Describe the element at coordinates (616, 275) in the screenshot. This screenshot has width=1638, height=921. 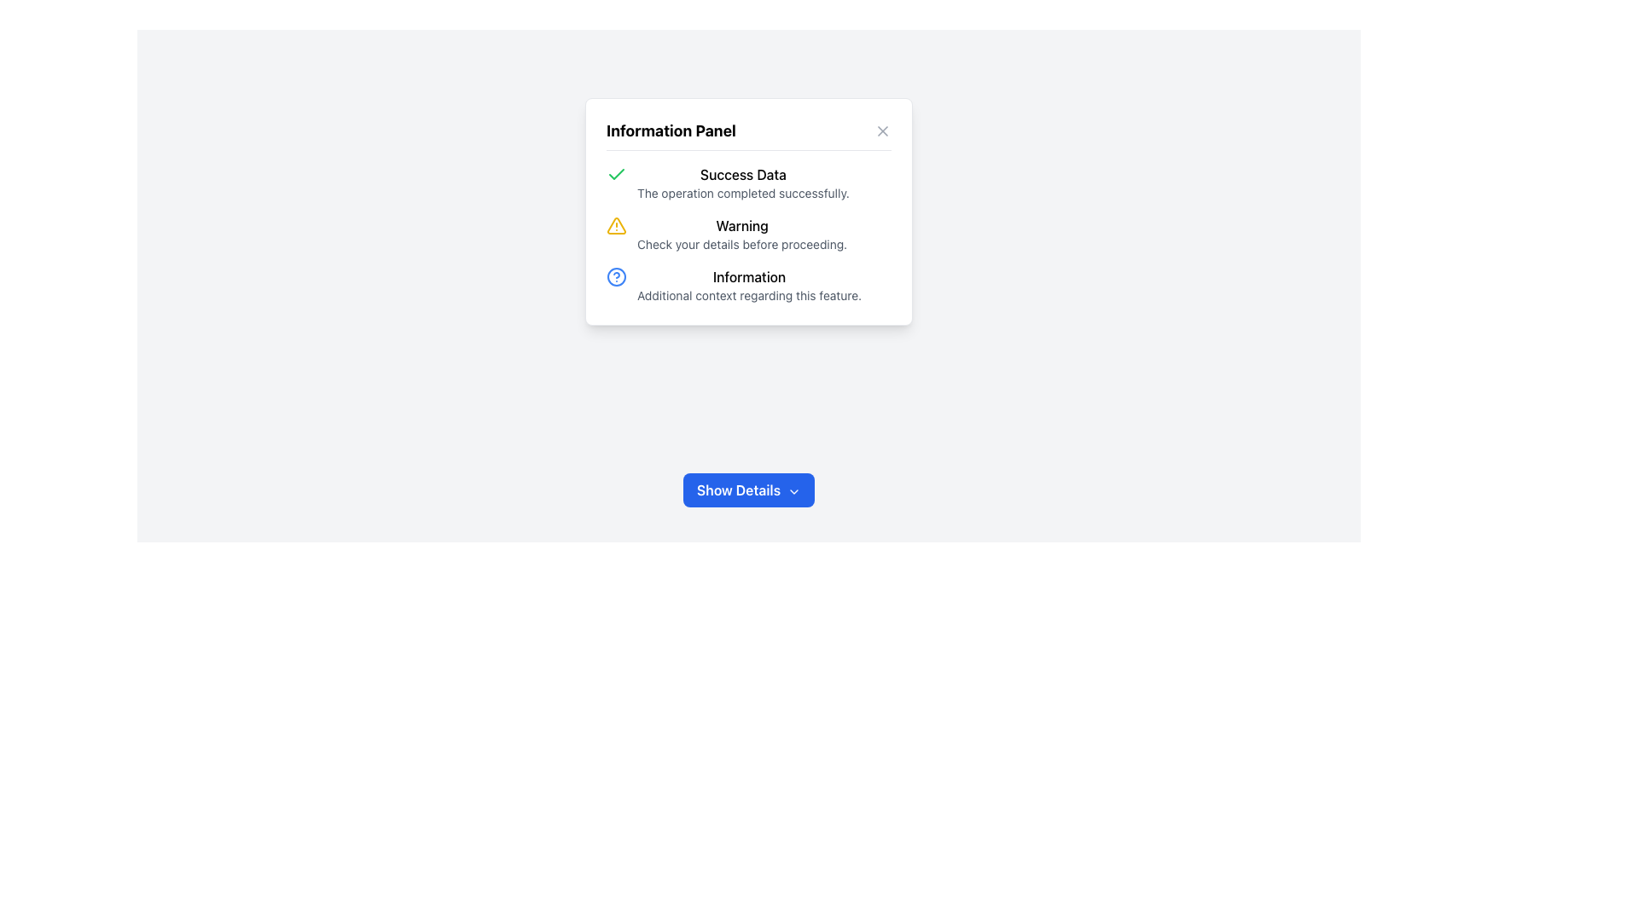
I see `the SVG Circle that visually represents or emphasizes a concept or status within the Information Panel` at that location.